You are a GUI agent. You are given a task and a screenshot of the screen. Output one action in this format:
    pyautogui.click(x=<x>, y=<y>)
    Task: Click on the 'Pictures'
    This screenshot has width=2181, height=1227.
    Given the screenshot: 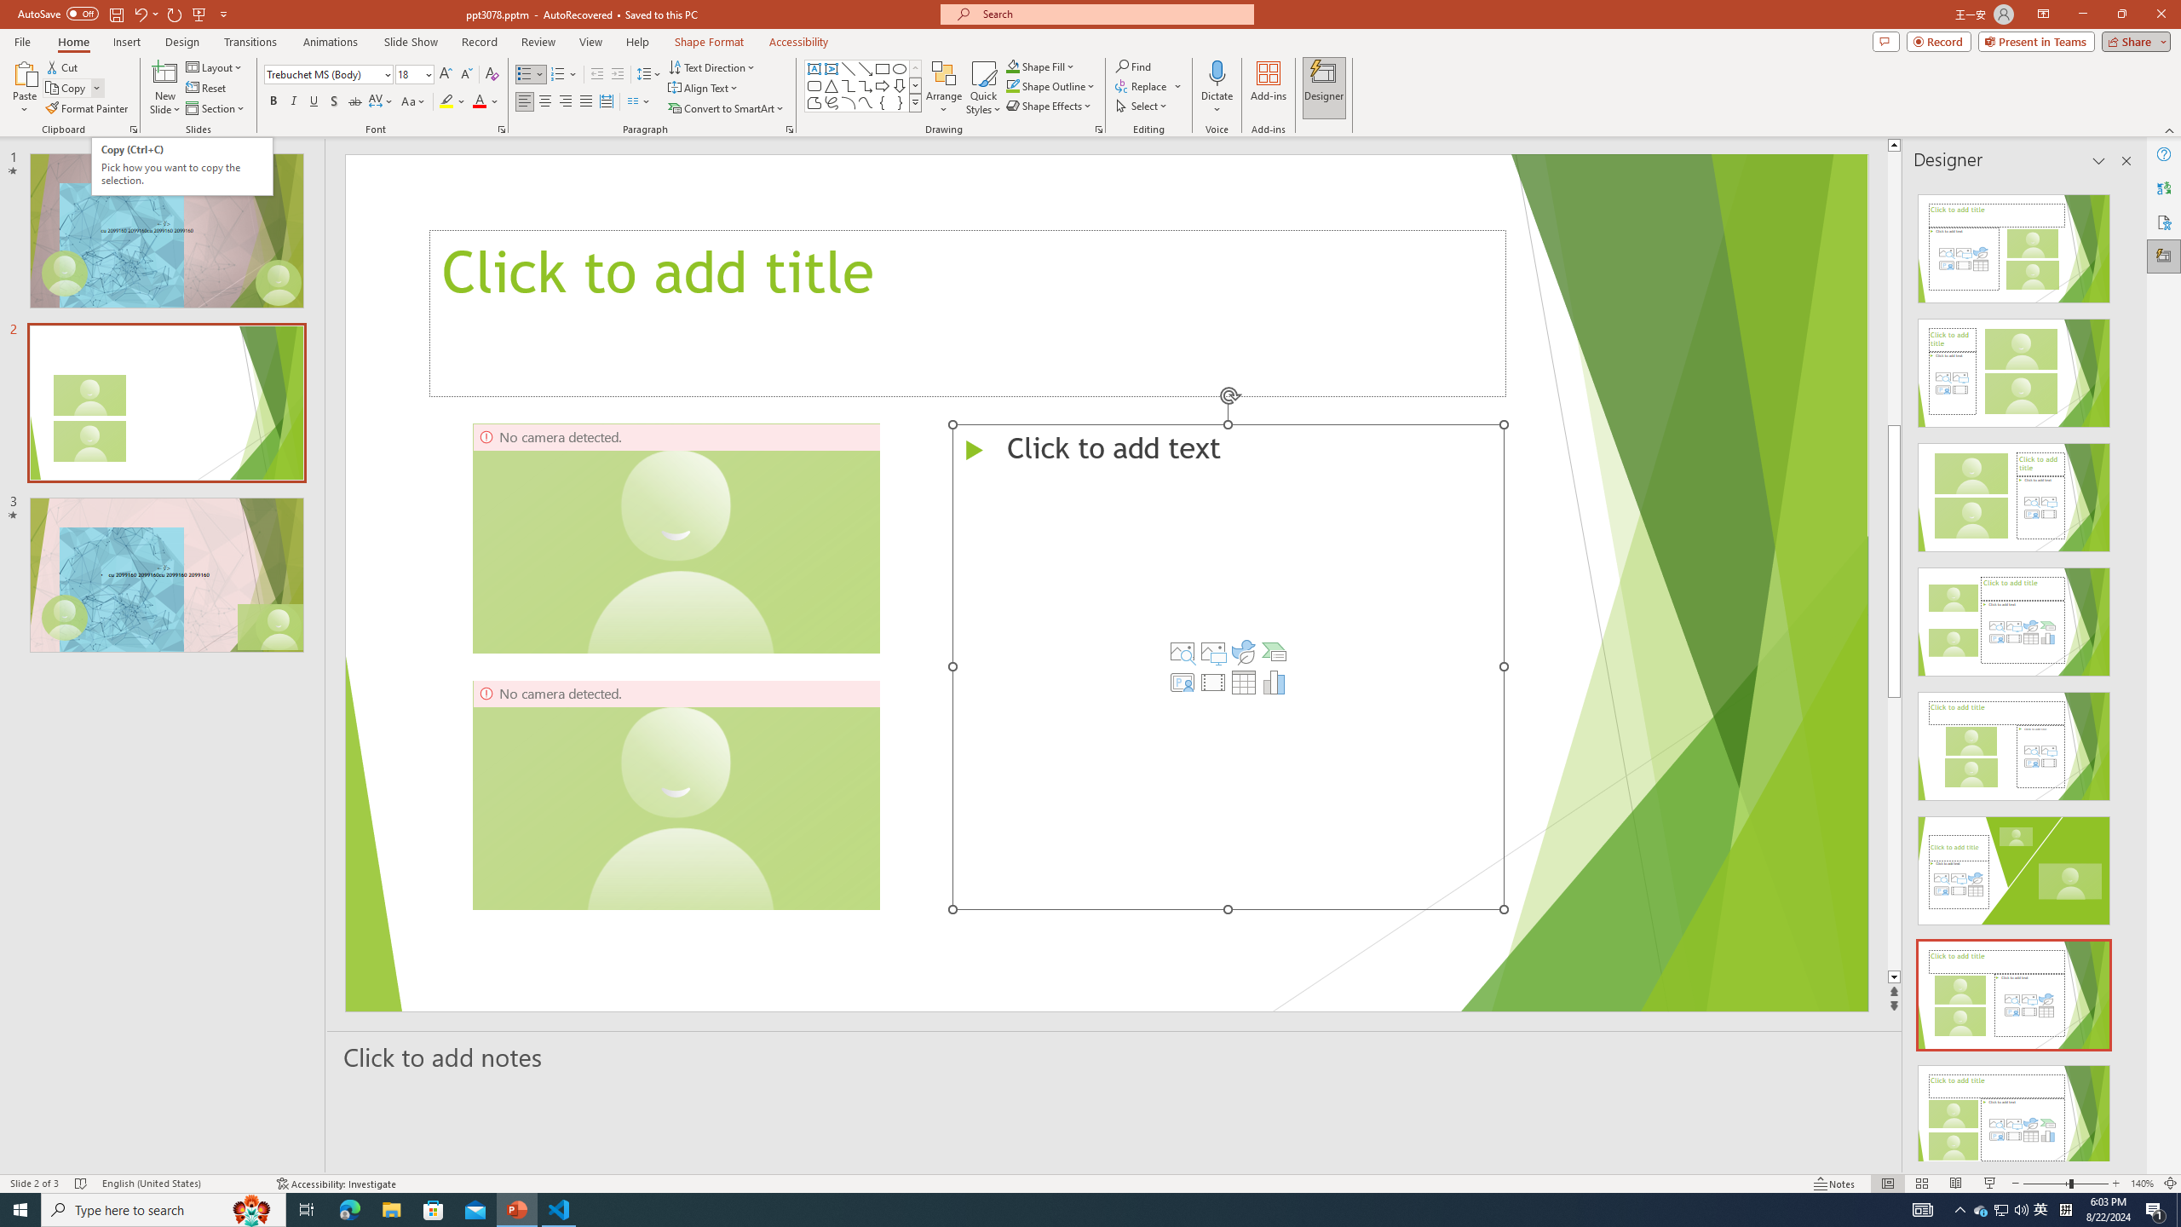 What is the action you would take?
    pyautogui.click(x=1211, y=650)
    